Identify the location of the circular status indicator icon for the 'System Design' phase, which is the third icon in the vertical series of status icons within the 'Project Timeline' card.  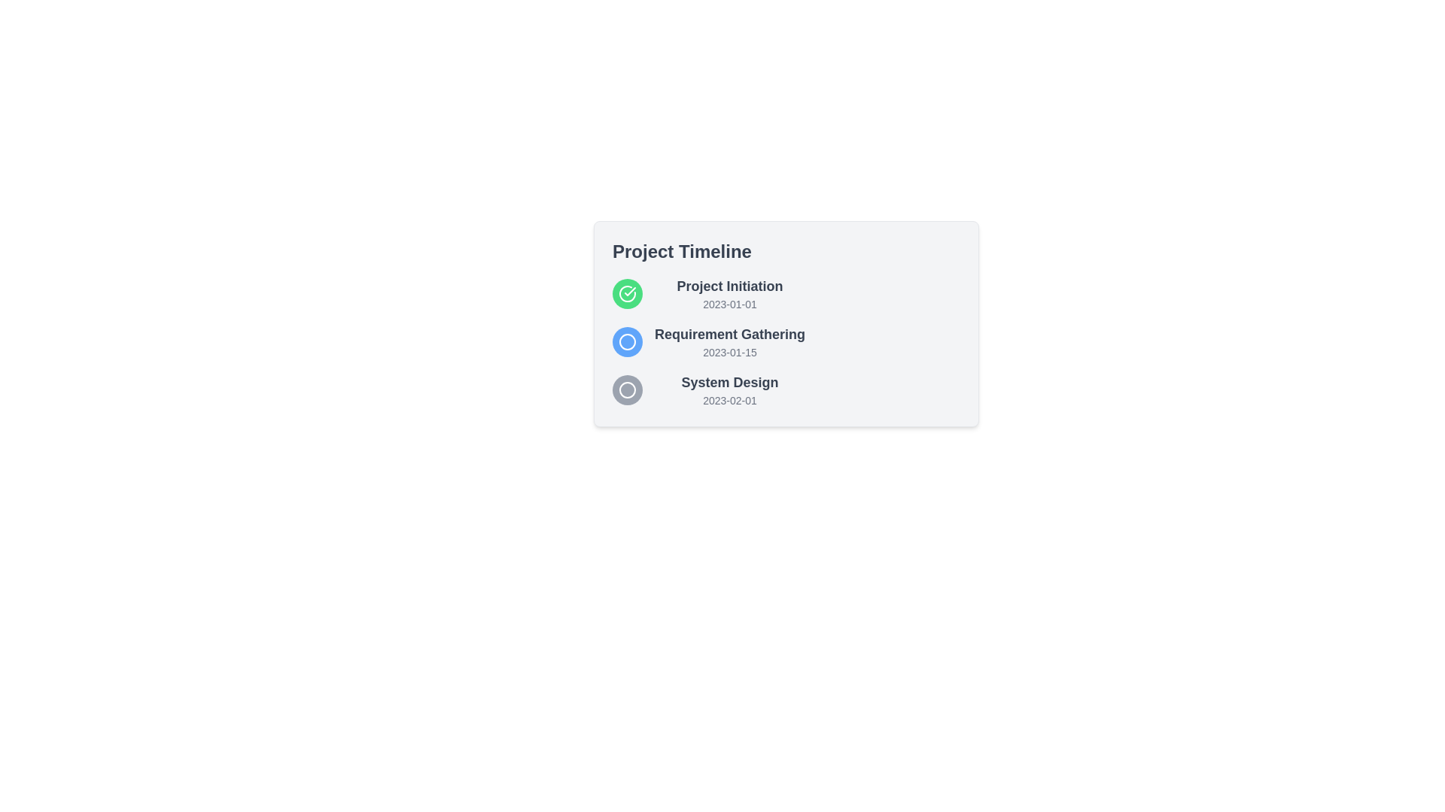
(628, 389).